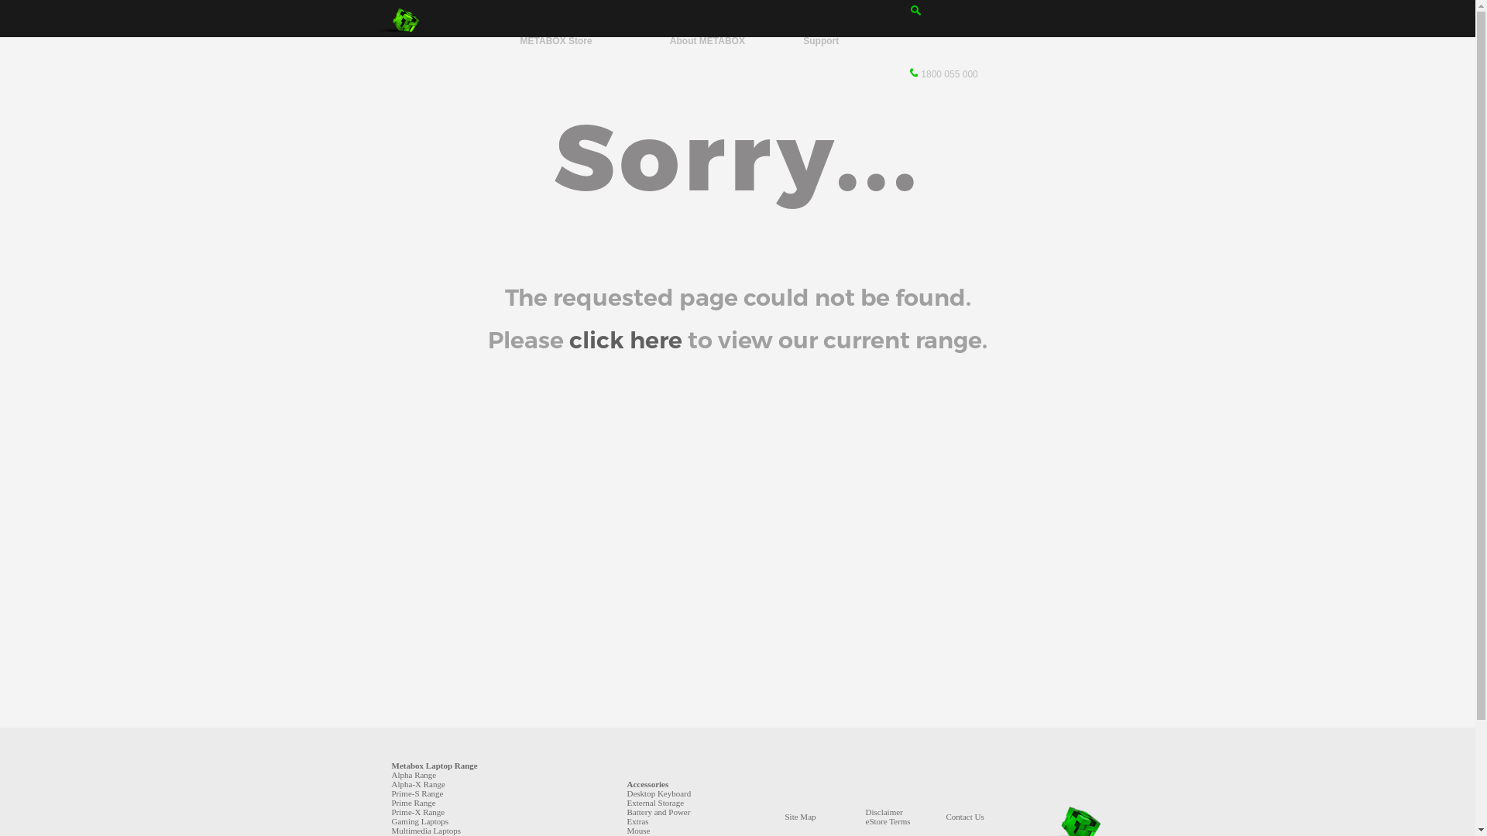 This screenshot has width=1487, height=836. Describe the element at coordinates (647, 784) in the screenshot. I see `'Accessories'` at that location.